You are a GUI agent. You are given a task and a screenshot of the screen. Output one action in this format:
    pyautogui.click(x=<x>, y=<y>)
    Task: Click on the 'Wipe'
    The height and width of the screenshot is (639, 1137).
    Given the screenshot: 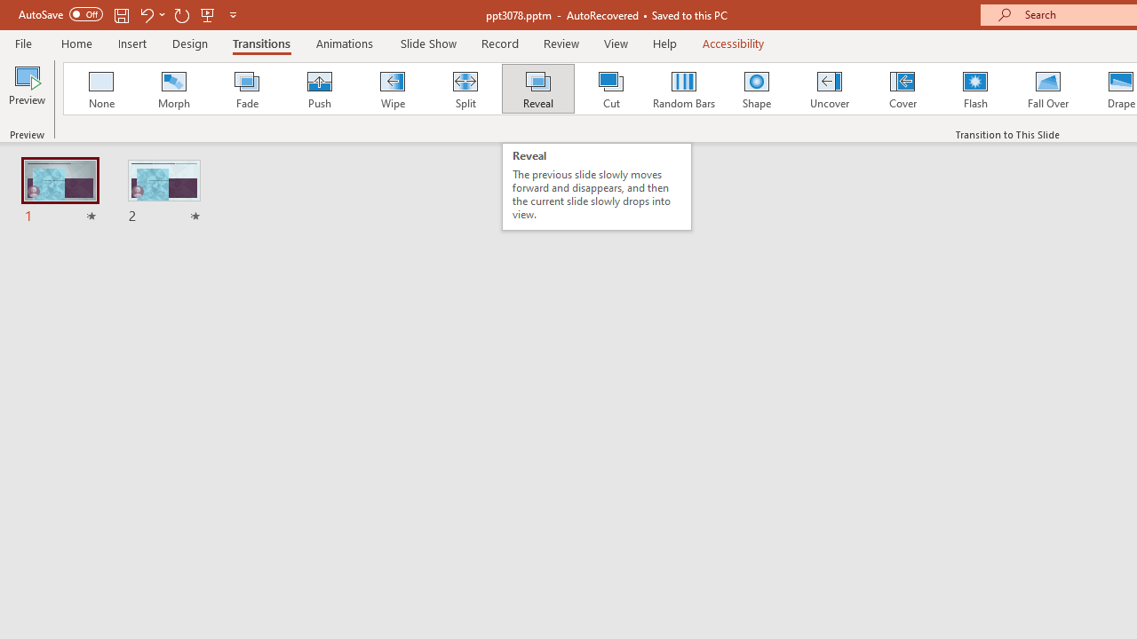 What is the action you would take?
    pyautogui.click(x=391, y=89)
    